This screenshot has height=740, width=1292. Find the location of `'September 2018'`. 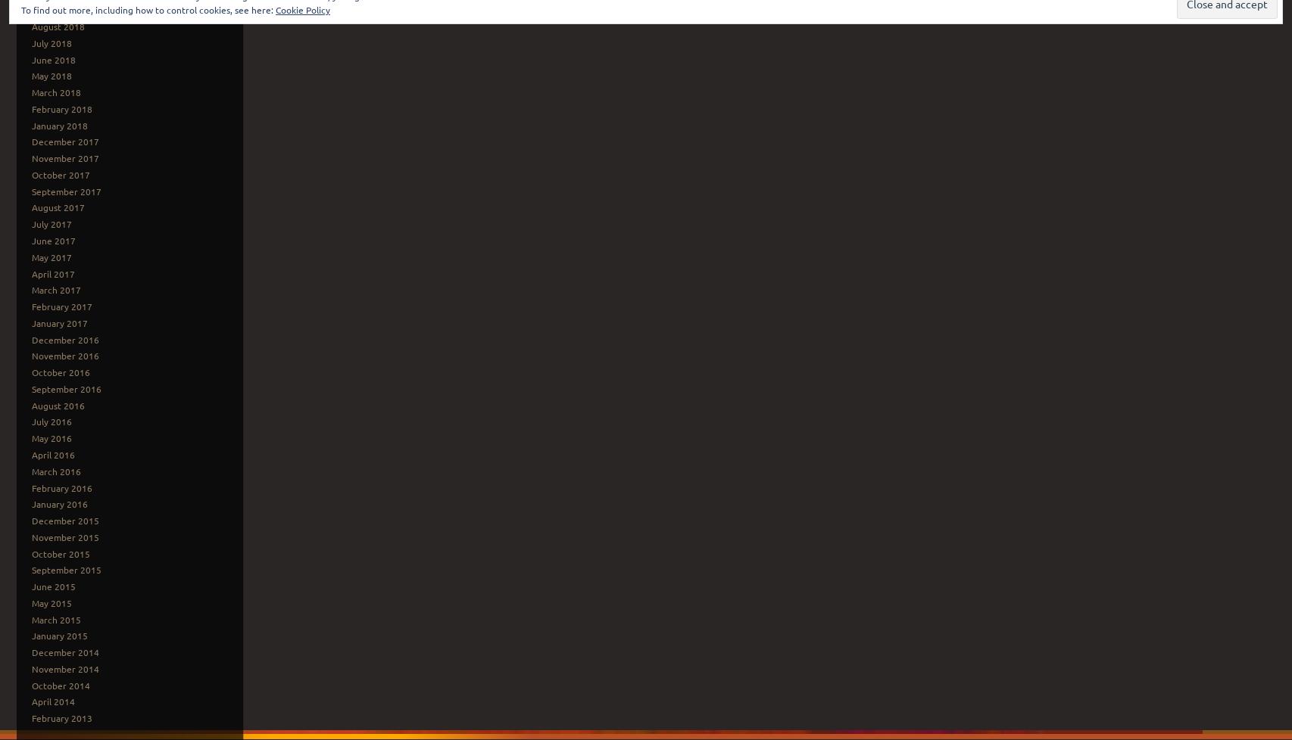

'September 2018' is located at coordinates (66, 10).